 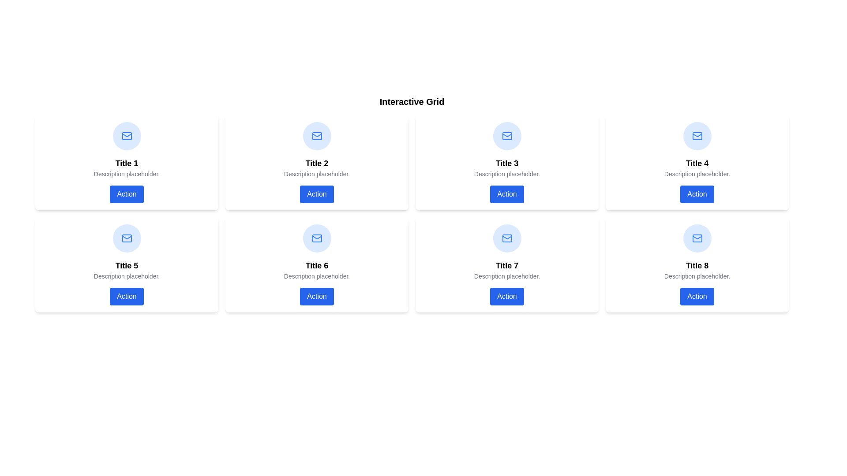 What do you see at coordinates (697, 193) in the screenshot?
I see `the 'Action' button located at the bottom of the card titled 'Title 4' to observe the visual effects that indicate interactivity` at bounding box center [697, 193].